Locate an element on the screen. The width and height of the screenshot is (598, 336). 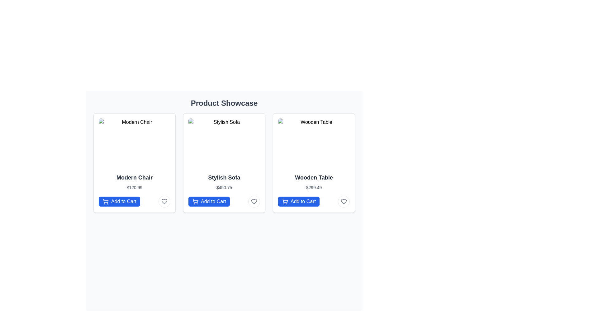
the text label displaying the price '$120.99', which is positioned below the 'Modern Chair' and above the 'Add to Cart' button is located at coordinates (134, 187).